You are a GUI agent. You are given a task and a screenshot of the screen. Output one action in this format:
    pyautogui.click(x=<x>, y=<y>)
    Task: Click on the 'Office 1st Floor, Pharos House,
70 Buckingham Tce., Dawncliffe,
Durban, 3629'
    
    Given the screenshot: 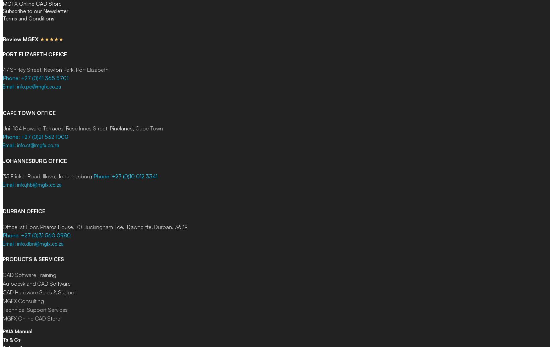 What is the action you would take?
    pyautogui.click(x=95, y=226)
    